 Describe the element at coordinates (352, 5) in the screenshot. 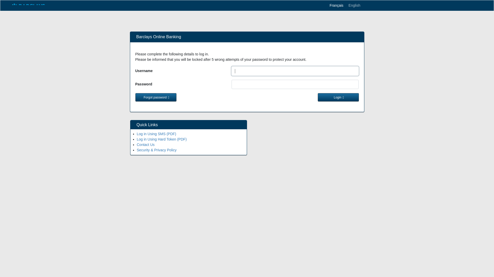

I see `'English'` at that location.